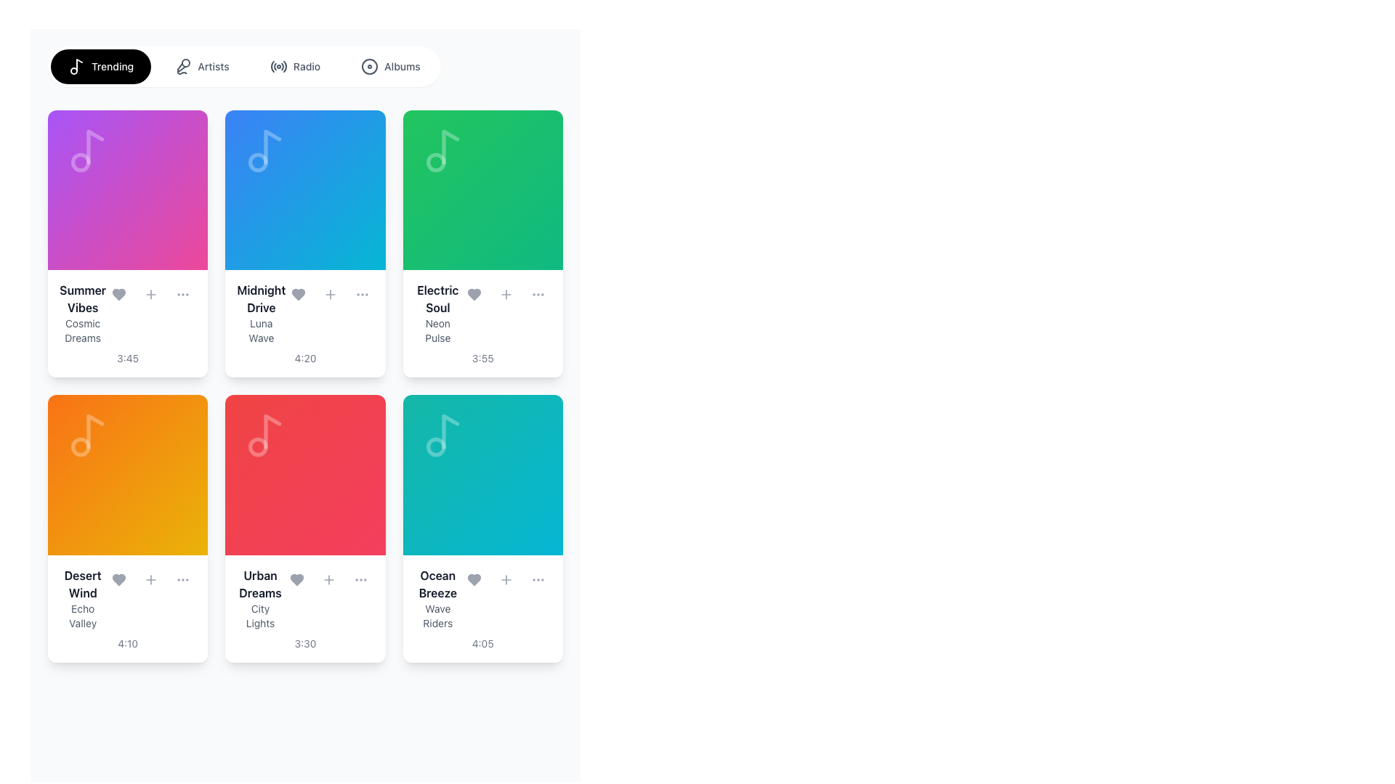  What do you see at coordinates (437, 583) in the screenshot?
I see `the text label displaying 'Ocean Breeze', which is bold and dark, located in the bottom-right card of the grid layout` at bounding box center [437, 583].